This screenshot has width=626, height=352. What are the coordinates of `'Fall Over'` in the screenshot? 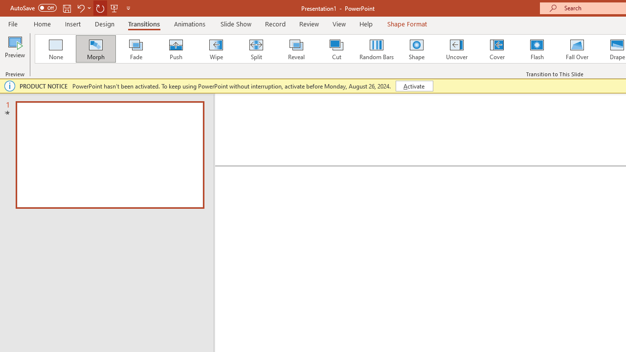 It's located at (577, 49).